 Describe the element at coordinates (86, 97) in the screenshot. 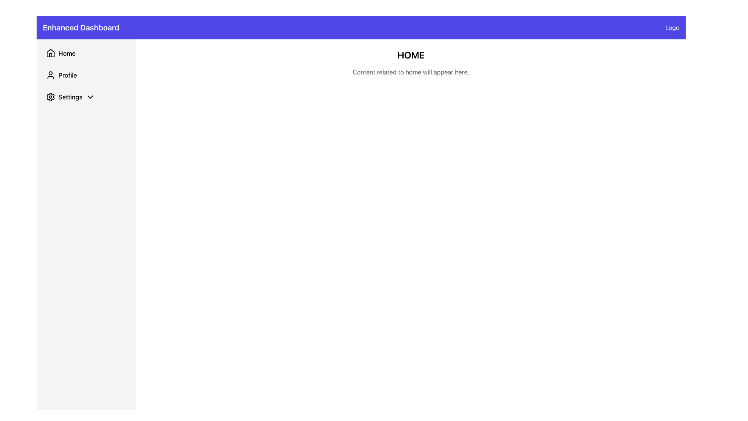

I see `the settings menu item located at the bottom of the vertical navigation menu` at that location.